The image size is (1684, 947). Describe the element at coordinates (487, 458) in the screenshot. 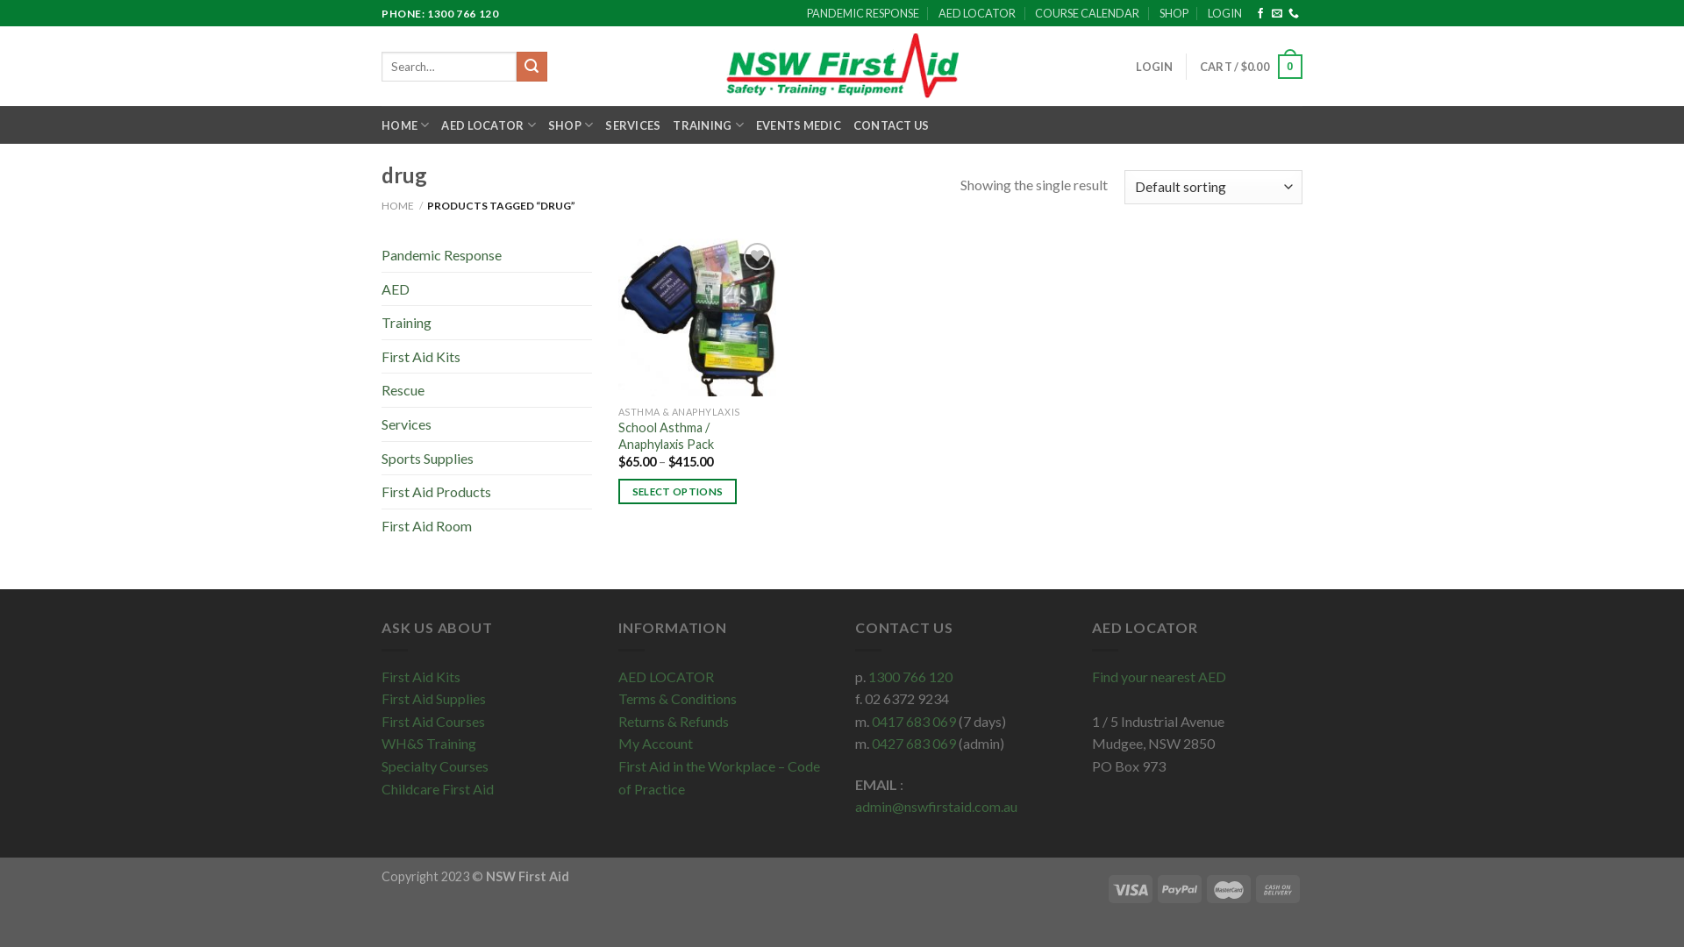

I see `'Sports Supplies'` at that location.